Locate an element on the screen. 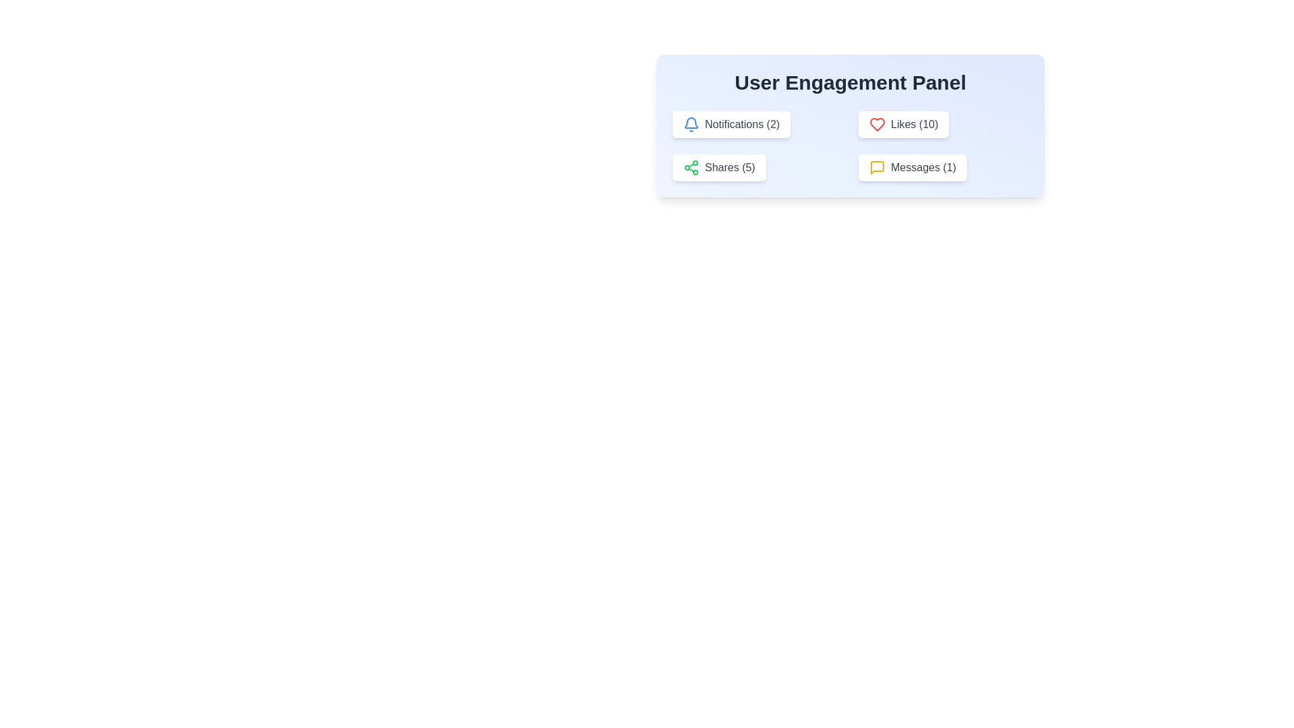 The width and height of the screenshot is (1294, 728). text content of the Notifications label that displays the count '2' in the User Engagement Panel, located to the right of the blue bell icon is located at coordinates (741, 125).